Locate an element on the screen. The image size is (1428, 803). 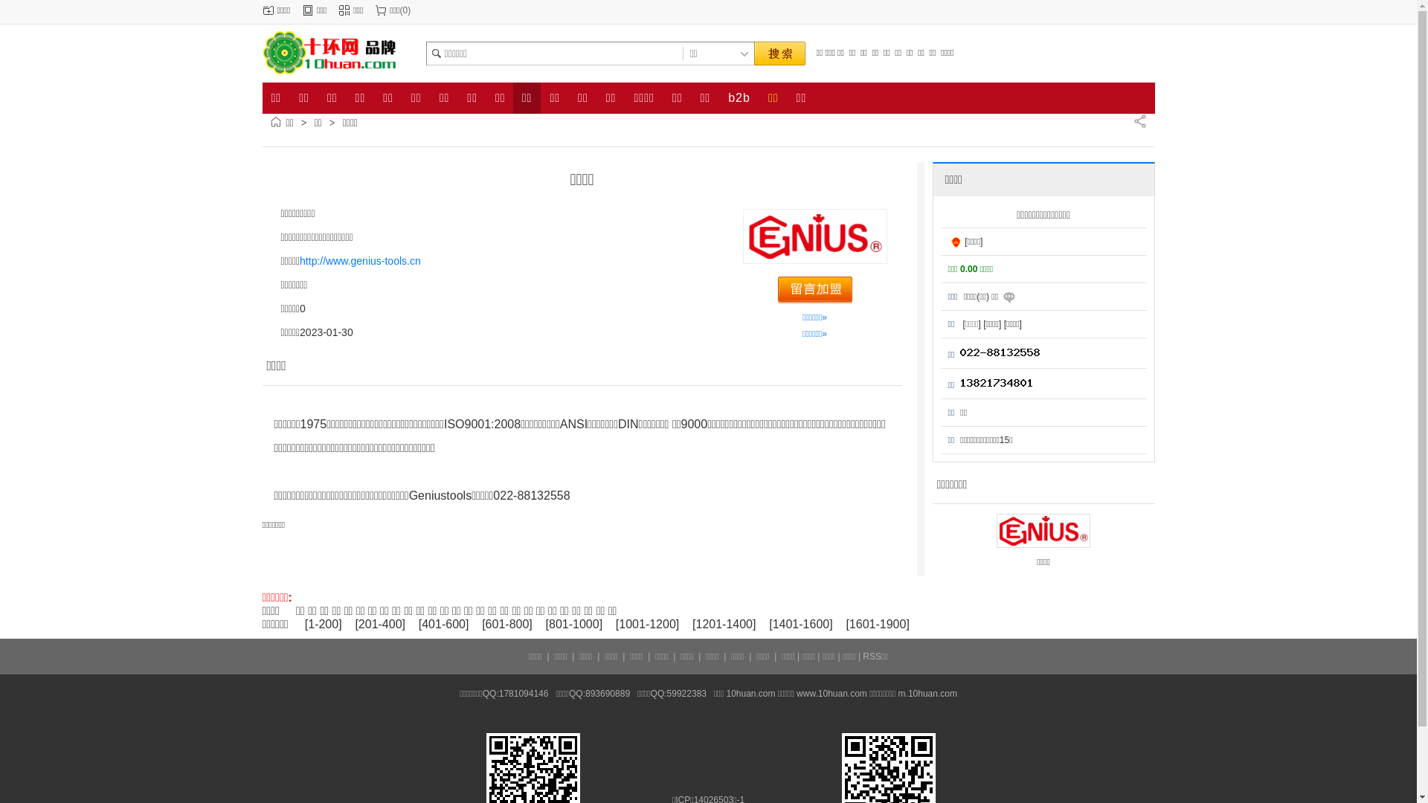
'b2b' is located at coordinates (739, 97).